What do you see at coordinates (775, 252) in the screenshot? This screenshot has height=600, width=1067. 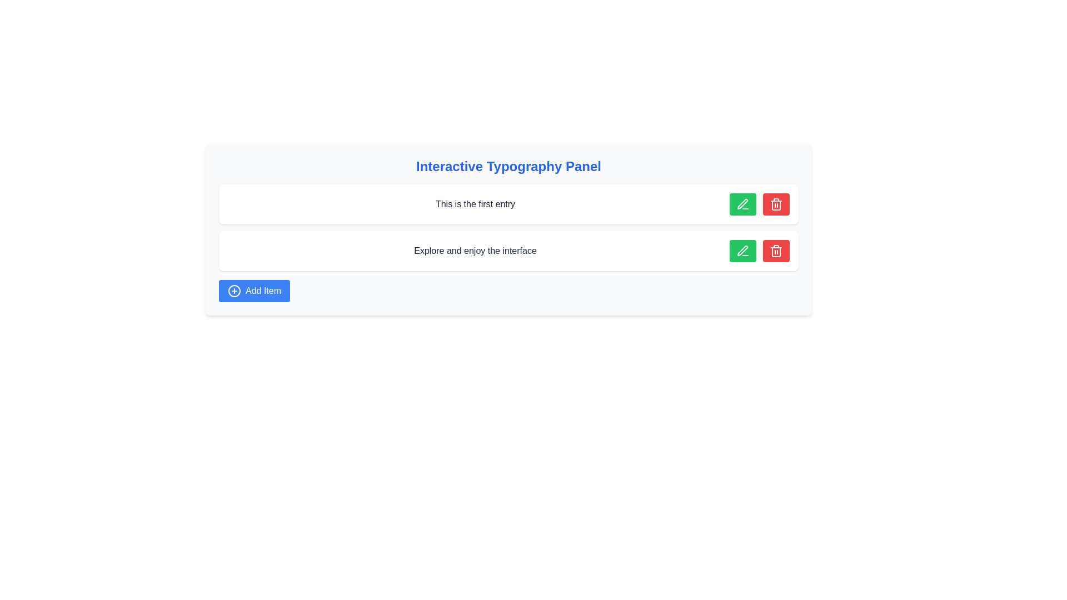 I see `the red trash can icon button located within the control panel for accessibility purposes` at bounding box center [775, 252].